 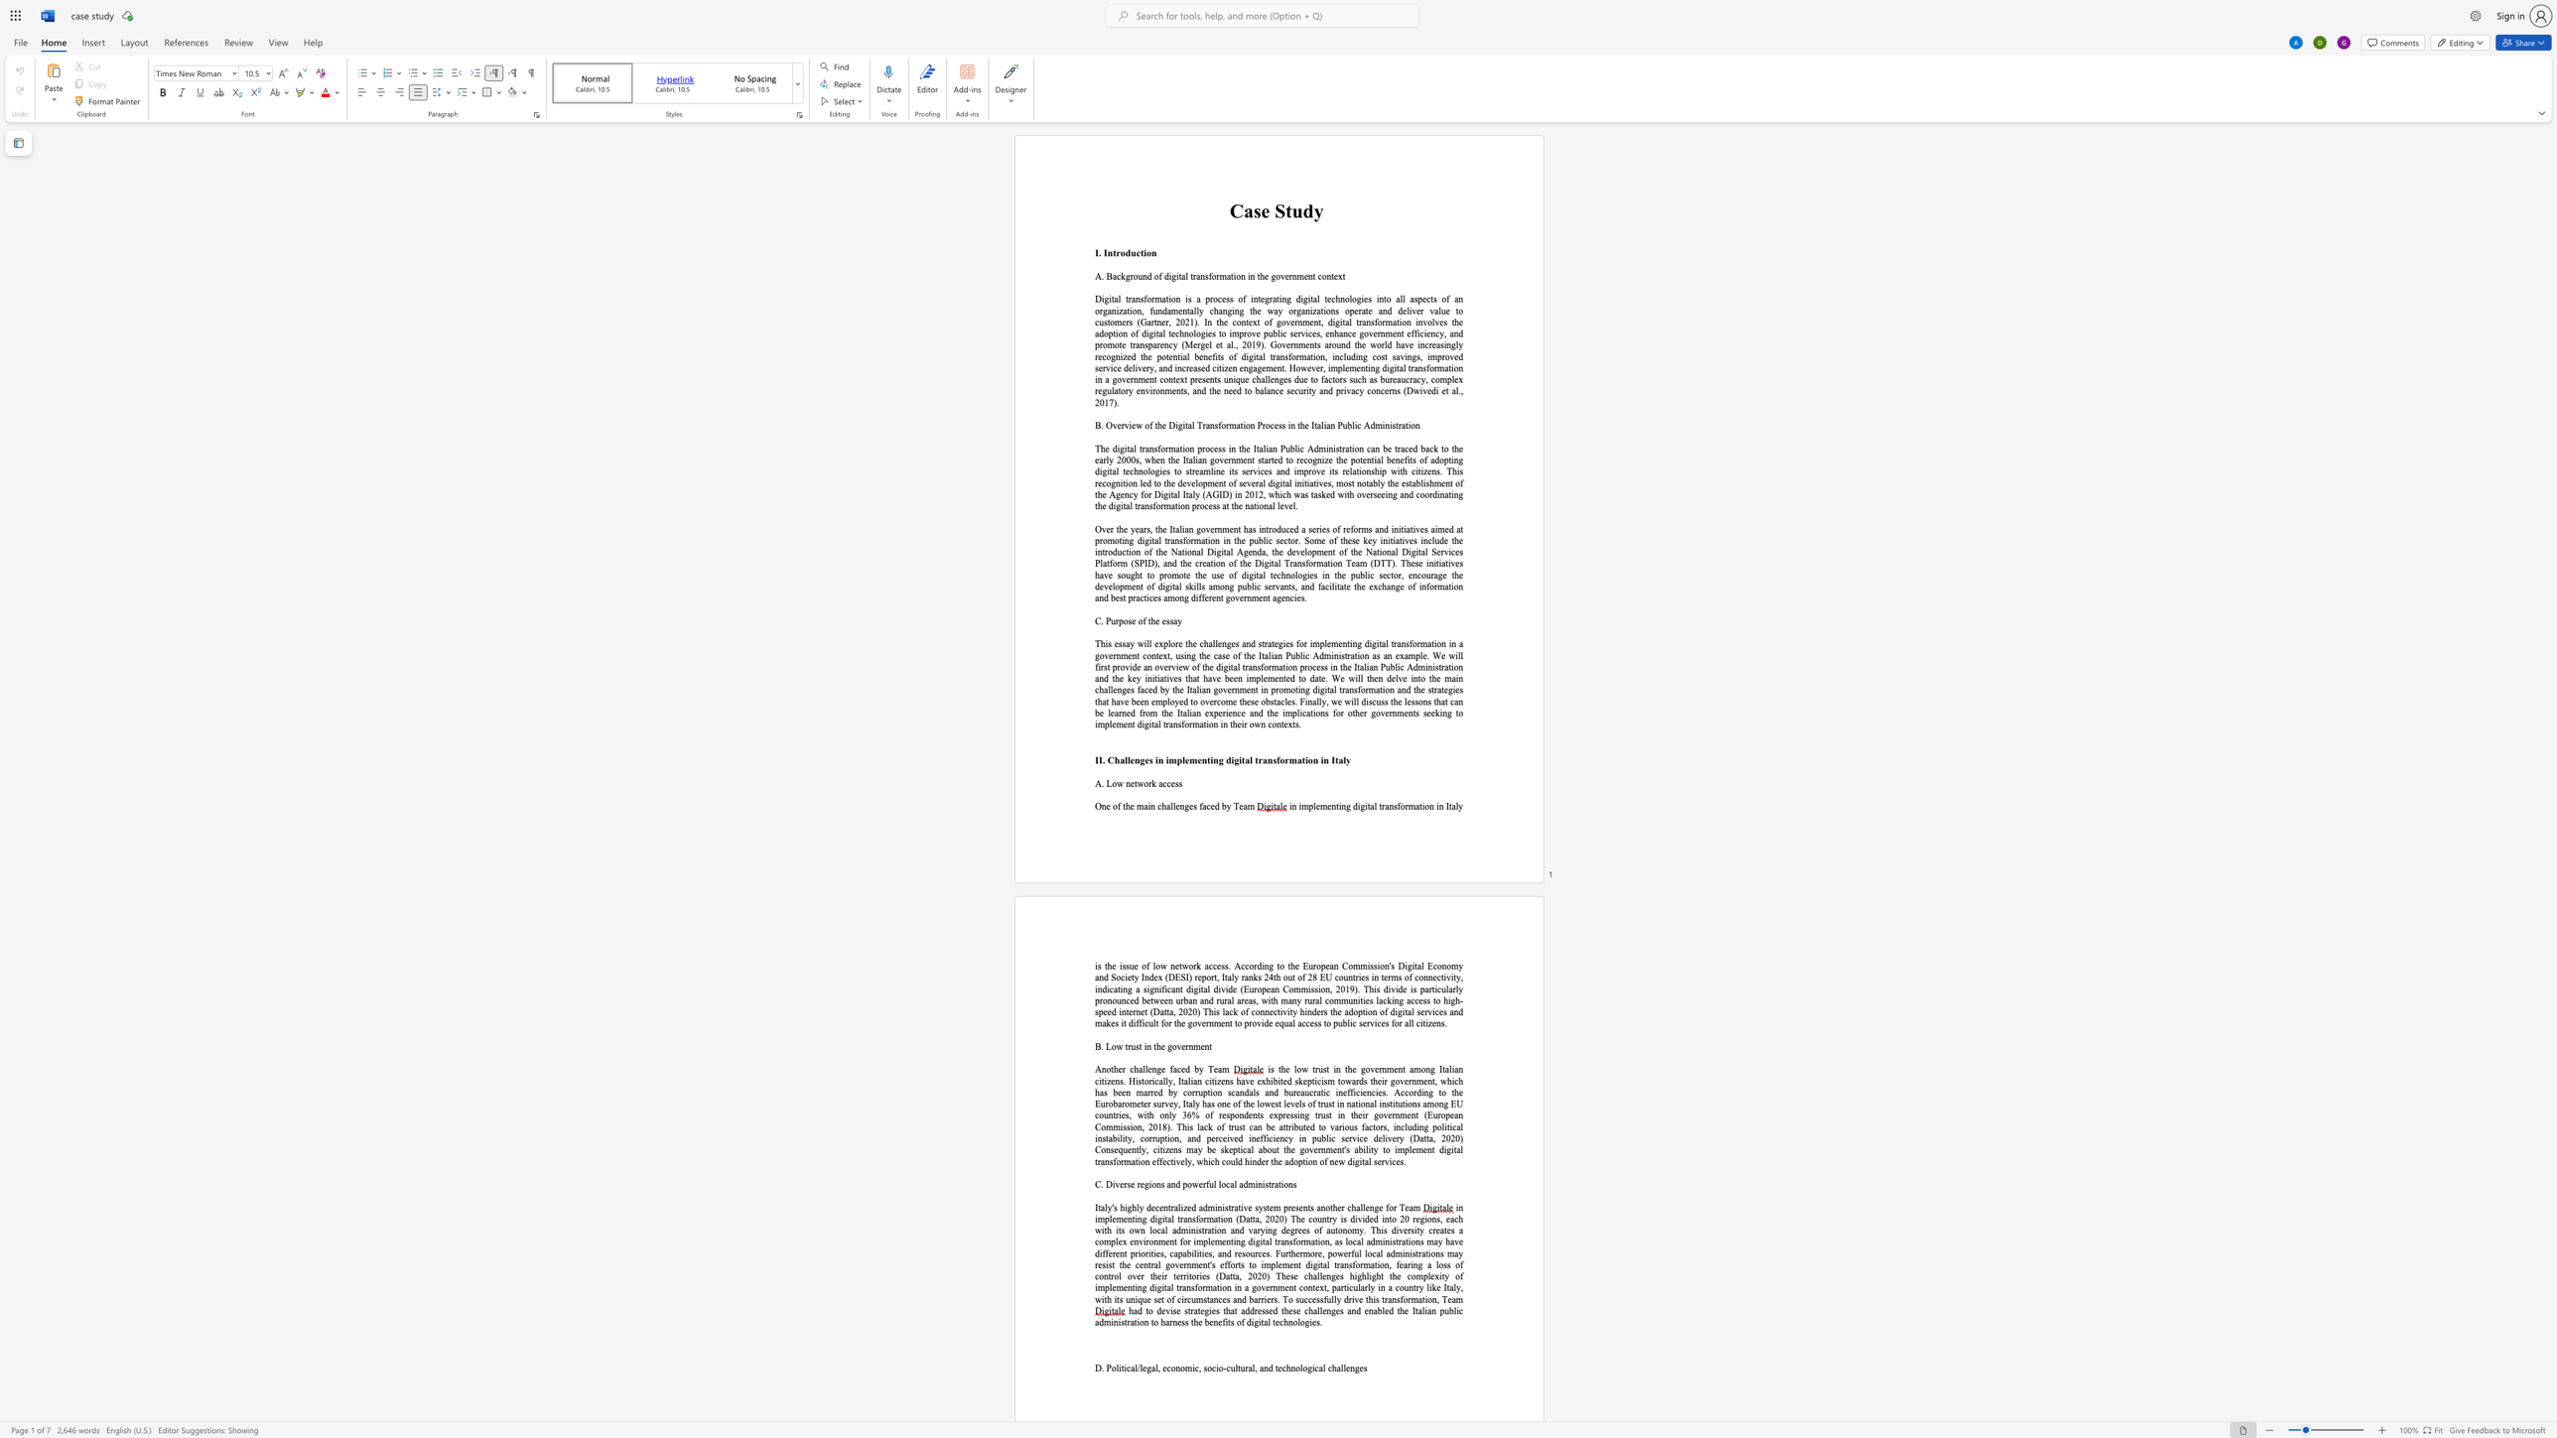 I want to click on the 3th character "i" in the text, so click(x=1255, y=1184).